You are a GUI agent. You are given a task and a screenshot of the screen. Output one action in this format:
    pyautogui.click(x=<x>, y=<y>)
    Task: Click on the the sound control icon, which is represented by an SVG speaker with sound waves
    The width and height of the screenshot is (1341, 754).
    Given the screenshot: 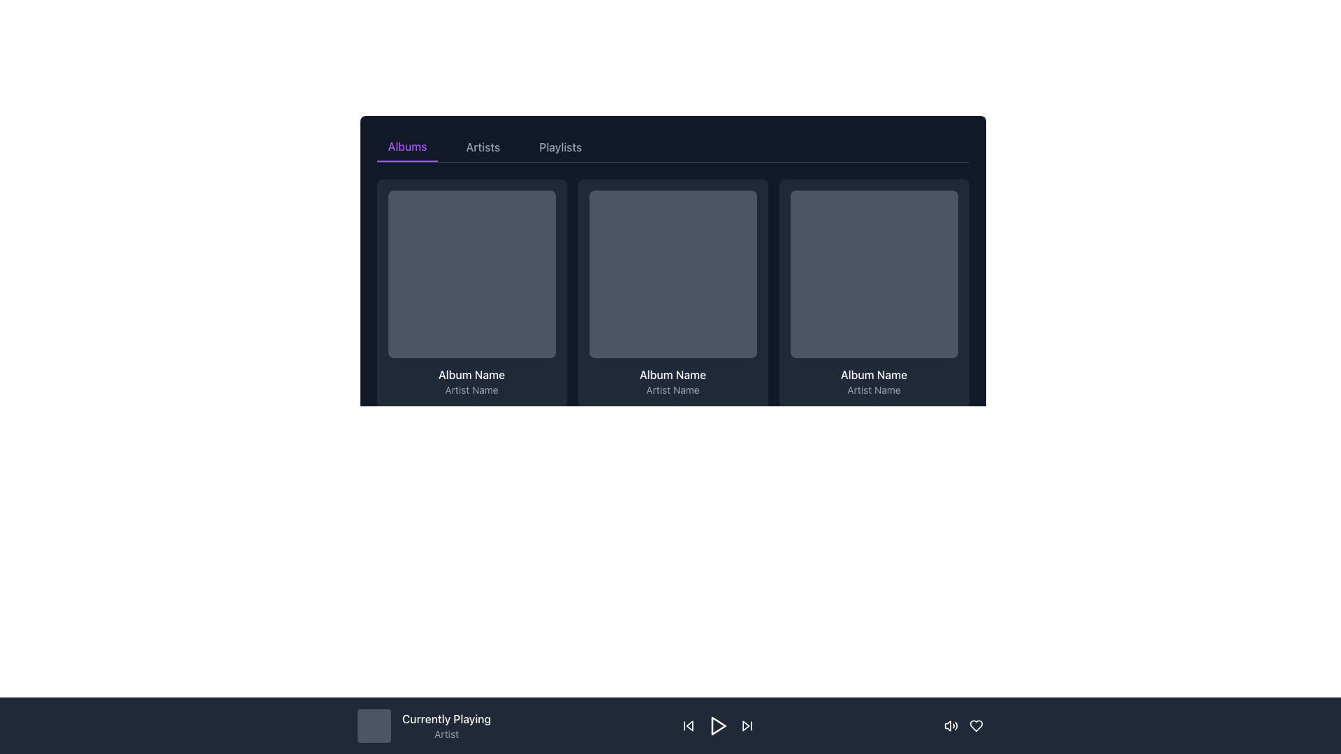 What is the action you would take?
    pyautogui.click(x=951, y=725)
    